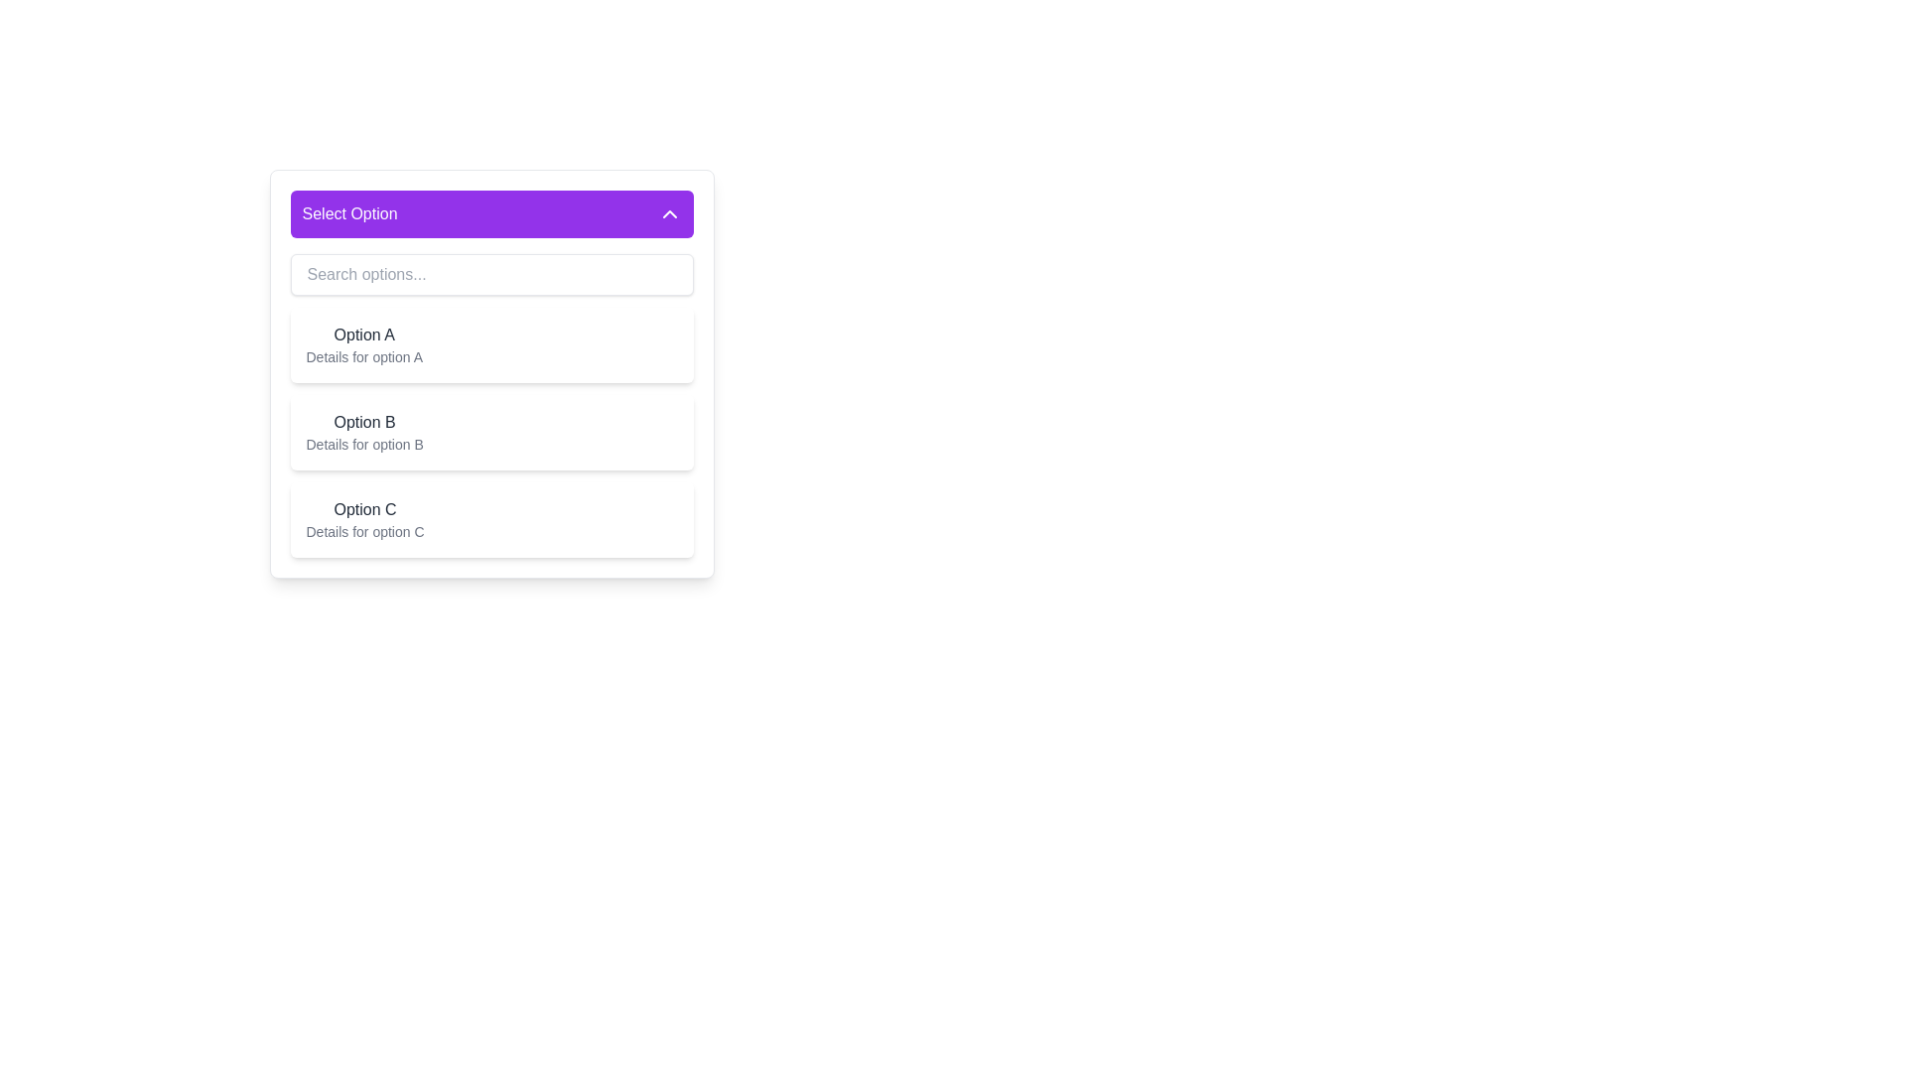 The height and width of the screenshot is (1072, 1906). What do you see at coordinates (364, 343) in the screenshot?
I see `the first textual option in the dropdown menu, labeled 'Option A'` at bounding box center [364, 343].